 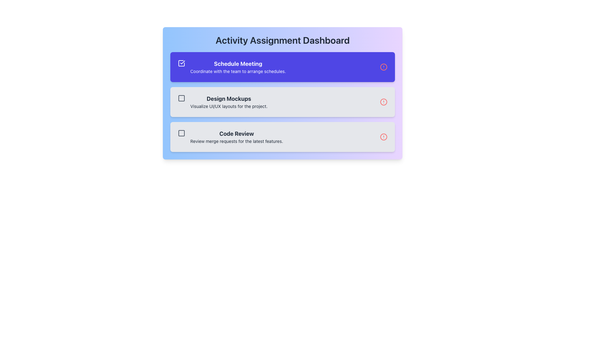 I want to click on text label displaying 'Visualize UI/UX layouts for the project.' which is positioned directly below the heading 'Design Mockups', so click(x=228, y=106).